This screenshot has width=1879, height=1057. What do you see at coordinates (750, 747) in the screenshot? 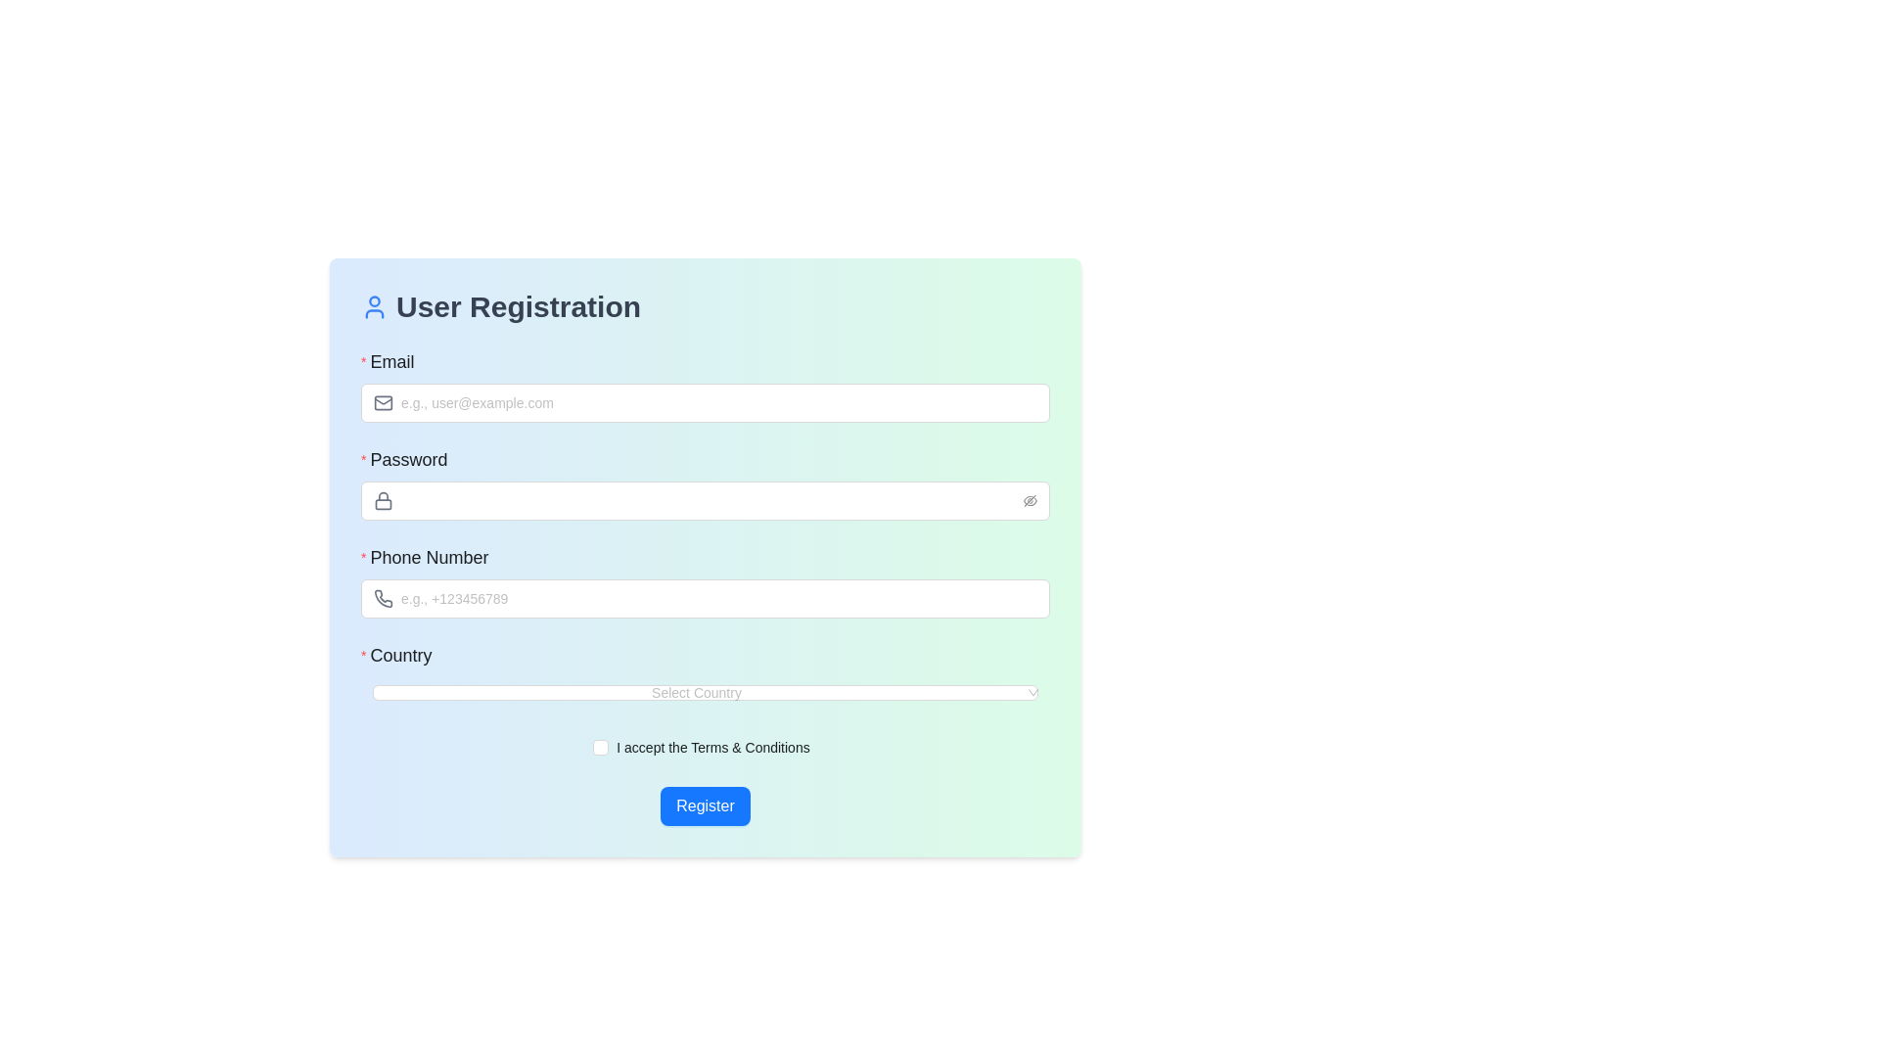
I see `the hyperlinked text labeled 'Terms & Conditions'` at bounding box center [750, 747].